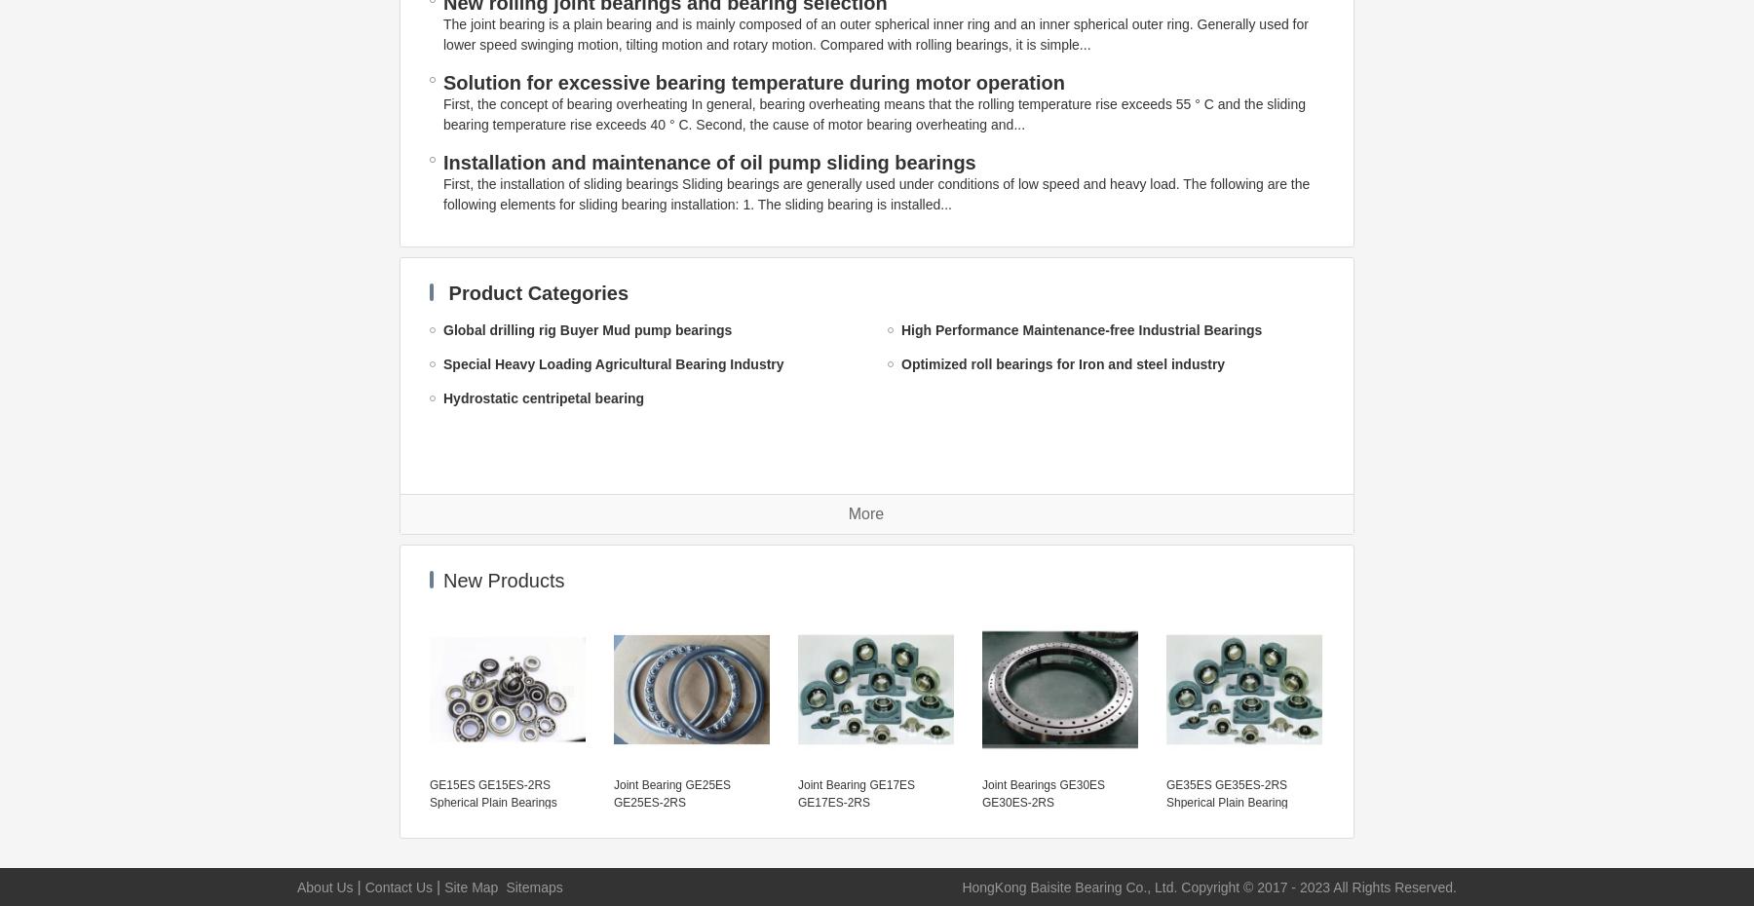  Describe the element at coordinates (874, 114) in the screenshot. I see `'First, the concept of bearing overheating       In general, bearing overheating means that the rolling temperature rise exceeds 55 ° C and the sliding bearing temperature rise exceeds 40 ° C.       Second, the cause of motor bearing overheating and...'` at that location.